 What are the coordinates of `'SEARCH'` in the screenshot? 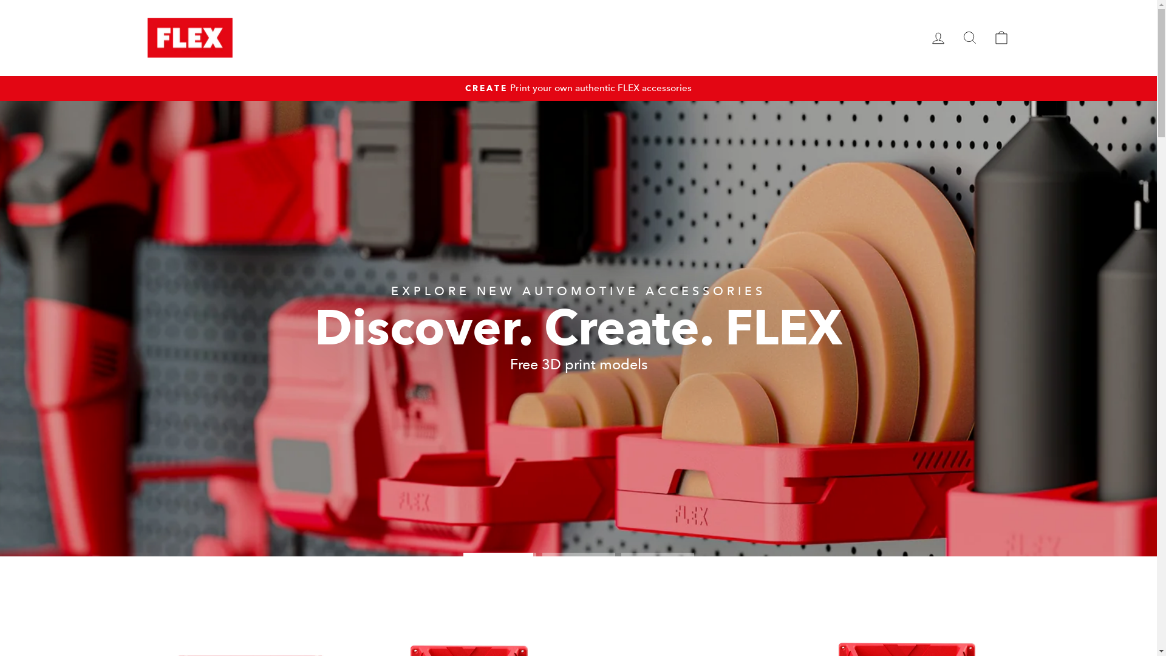 It's located at (969, 37).